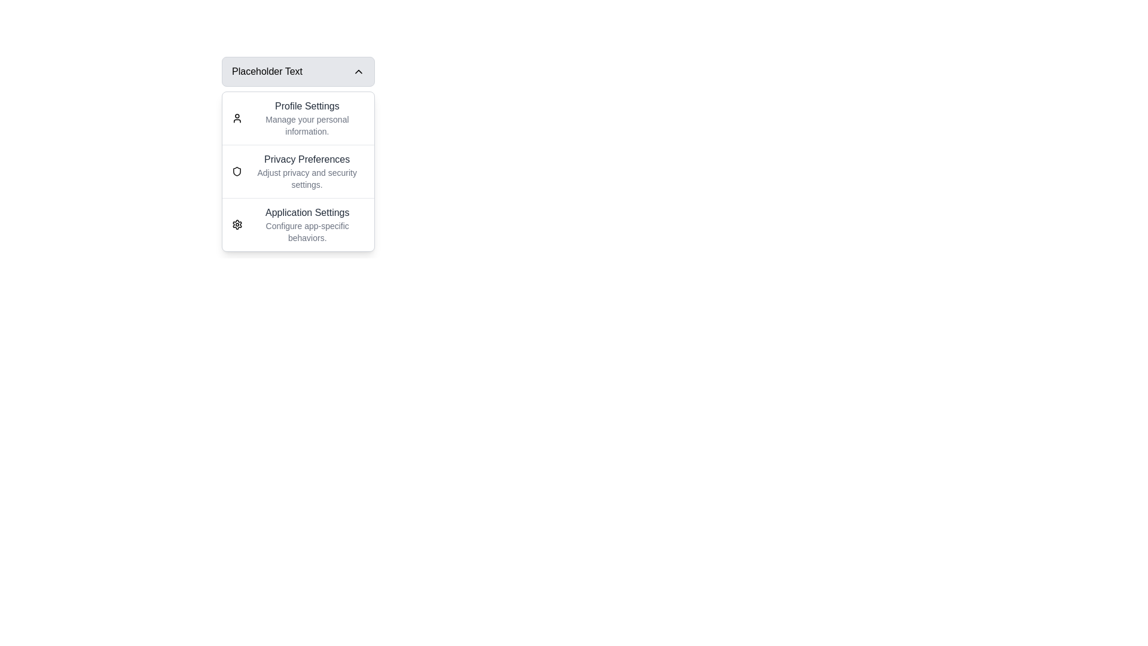 This screenshot has width=1148, height=646. What do you see at coordinates (307, 232) in the screenshot?
I see `the text element reading 'Configure app-specific behaviors.' which is styled in a small-sized font with a gray color, located directly below the heading 'Application Settings'` at bounding box center [307, 232].